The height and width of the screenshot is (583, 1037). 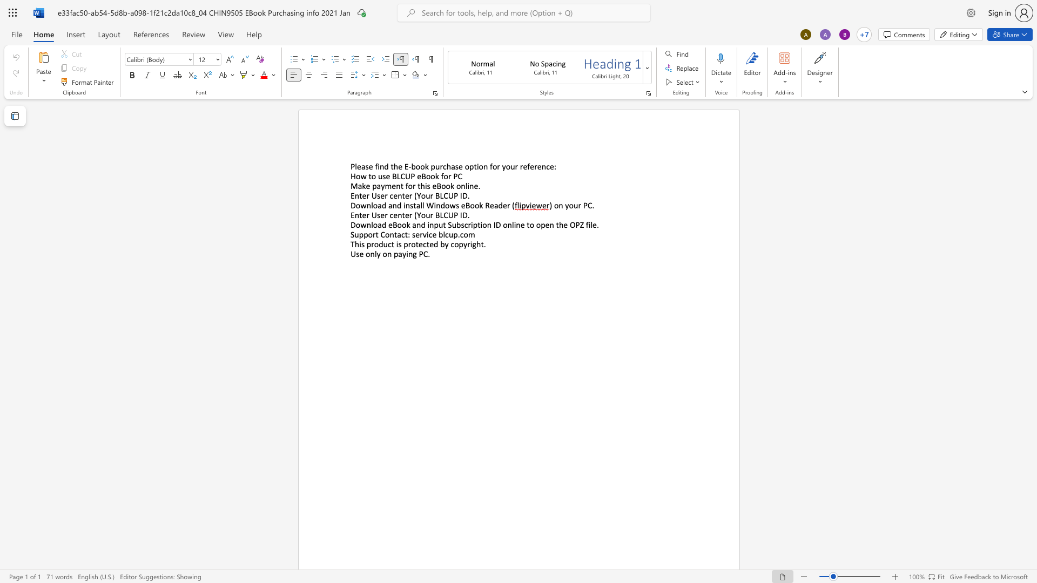 I want to click on the 1th character "C" in the text, so click(x=402, y=175).